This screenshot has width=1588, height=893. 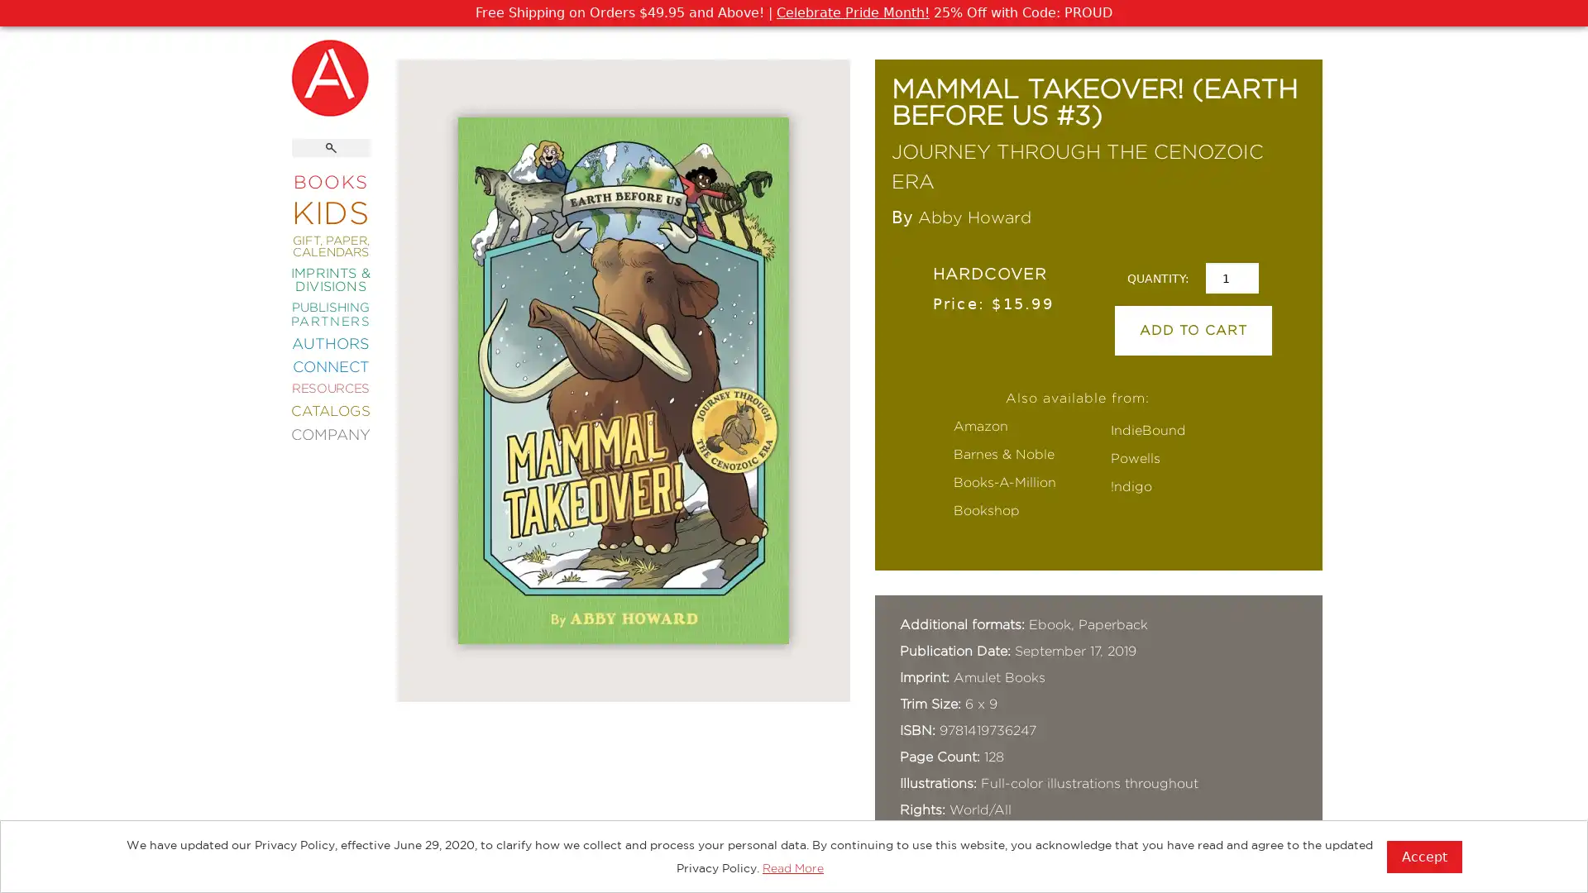 What do you see at coordinates (330, 313) in the screenshot?
I see `PUBLISHING PARTNERS` at bounding box center [330, 313].